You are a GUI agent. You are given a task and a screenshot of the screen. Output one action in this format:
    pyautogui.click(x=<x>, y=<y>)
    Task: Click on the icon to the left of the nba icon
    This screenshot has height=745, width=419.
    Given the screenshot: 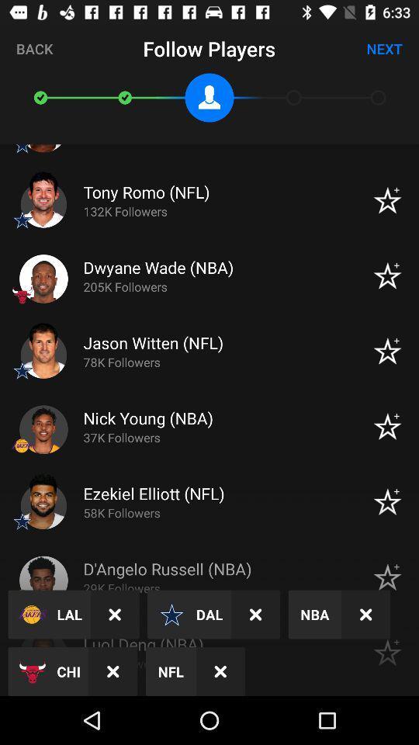 What is the action you would take?
    pyautogui.click(x=255, y=615)
    